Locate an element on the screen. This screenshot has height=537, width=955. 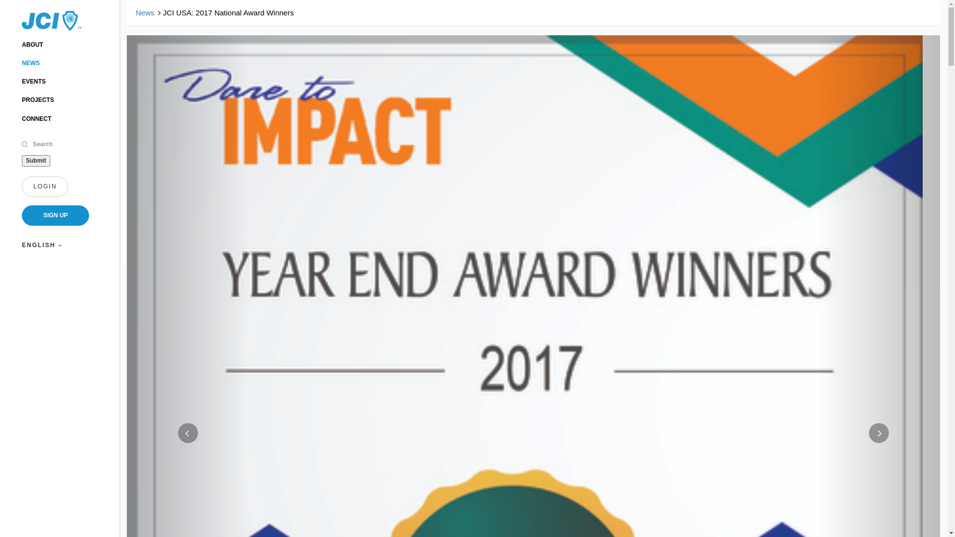
'PROJECTS' is located at coordinates (38, 99).